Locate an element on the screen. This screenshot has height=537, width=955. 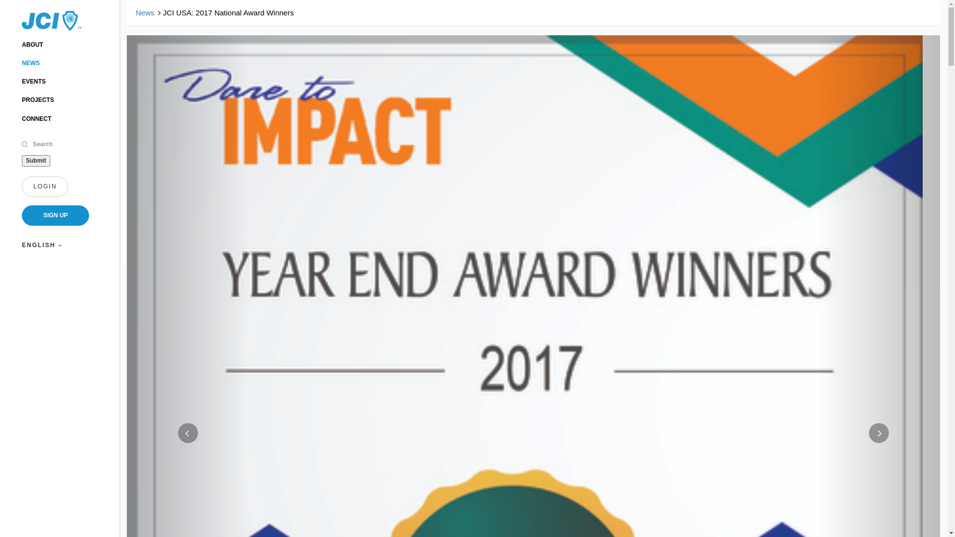
'PROJECTS' is located at coordinates (38, 99).